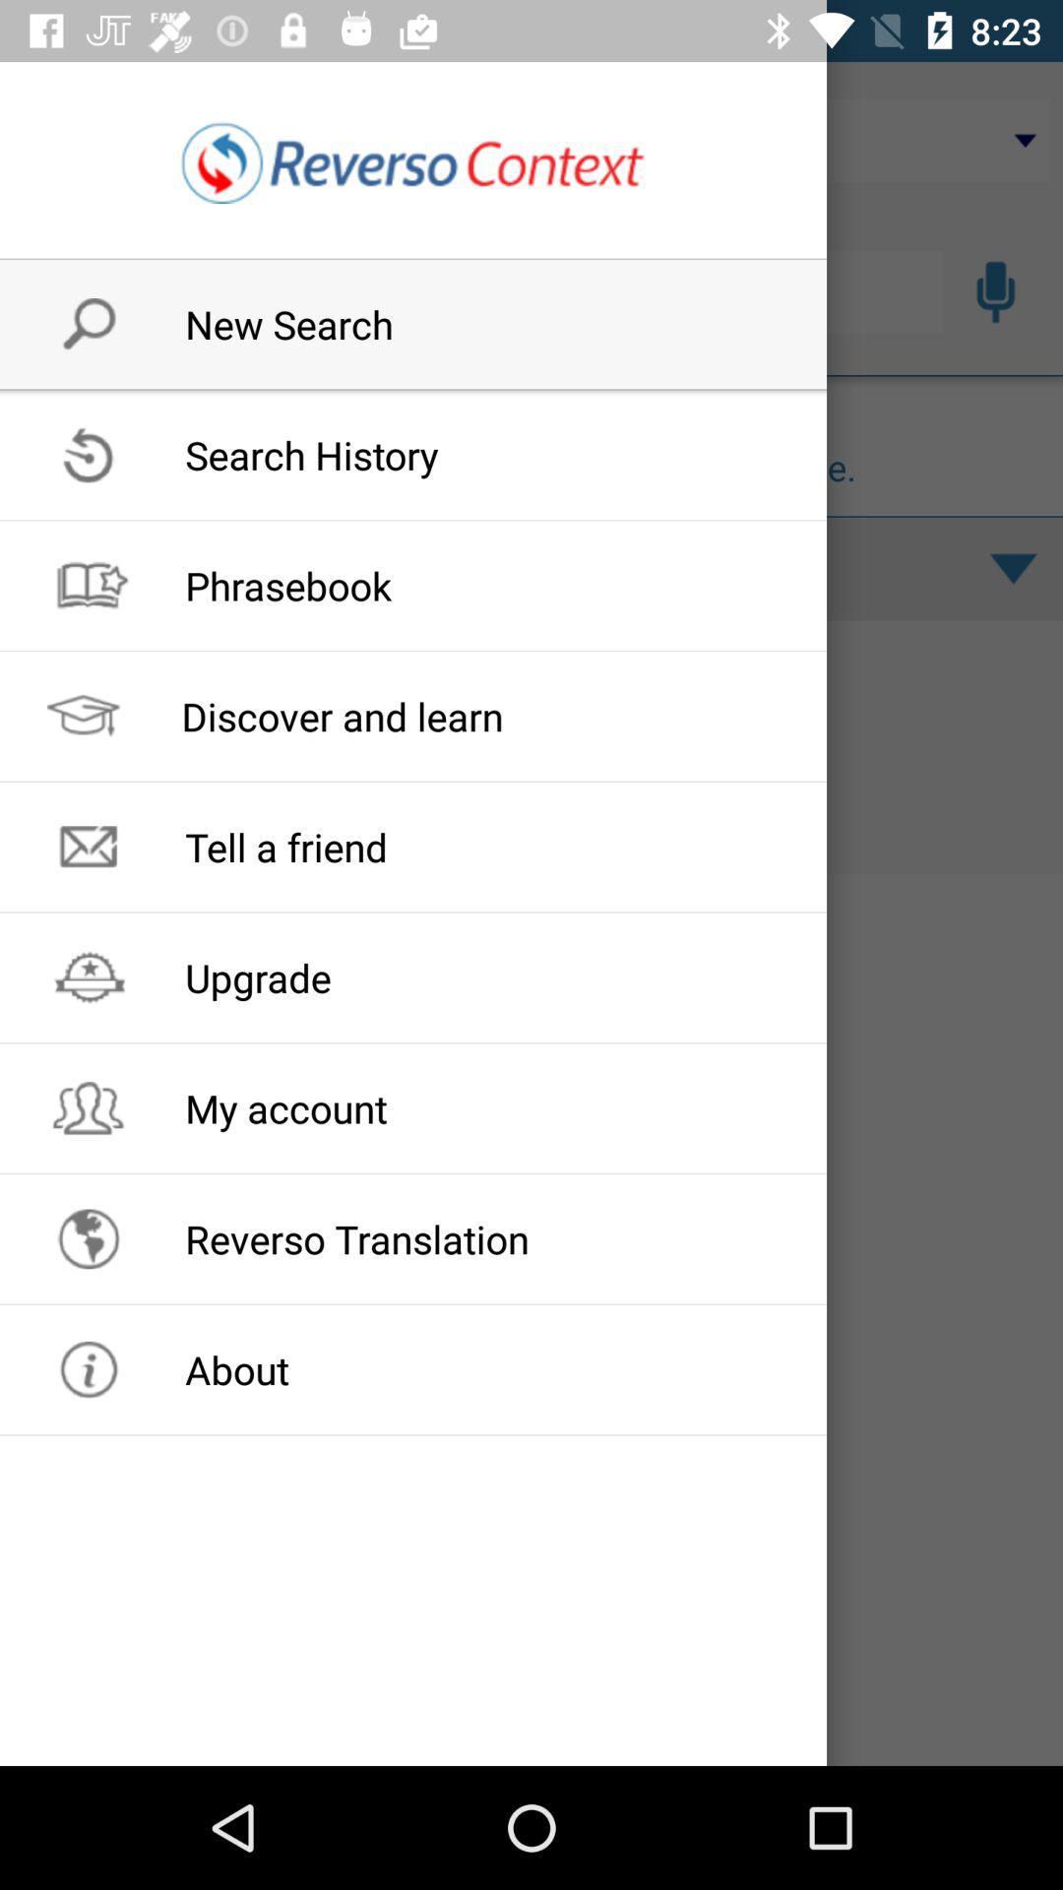 Image resolution: width=1063 pixels, height=1890 pixels. What do you see at coordinates (995, 291) in the screenshot?
I see `the microphone icon` at bounding box center [995, 291].